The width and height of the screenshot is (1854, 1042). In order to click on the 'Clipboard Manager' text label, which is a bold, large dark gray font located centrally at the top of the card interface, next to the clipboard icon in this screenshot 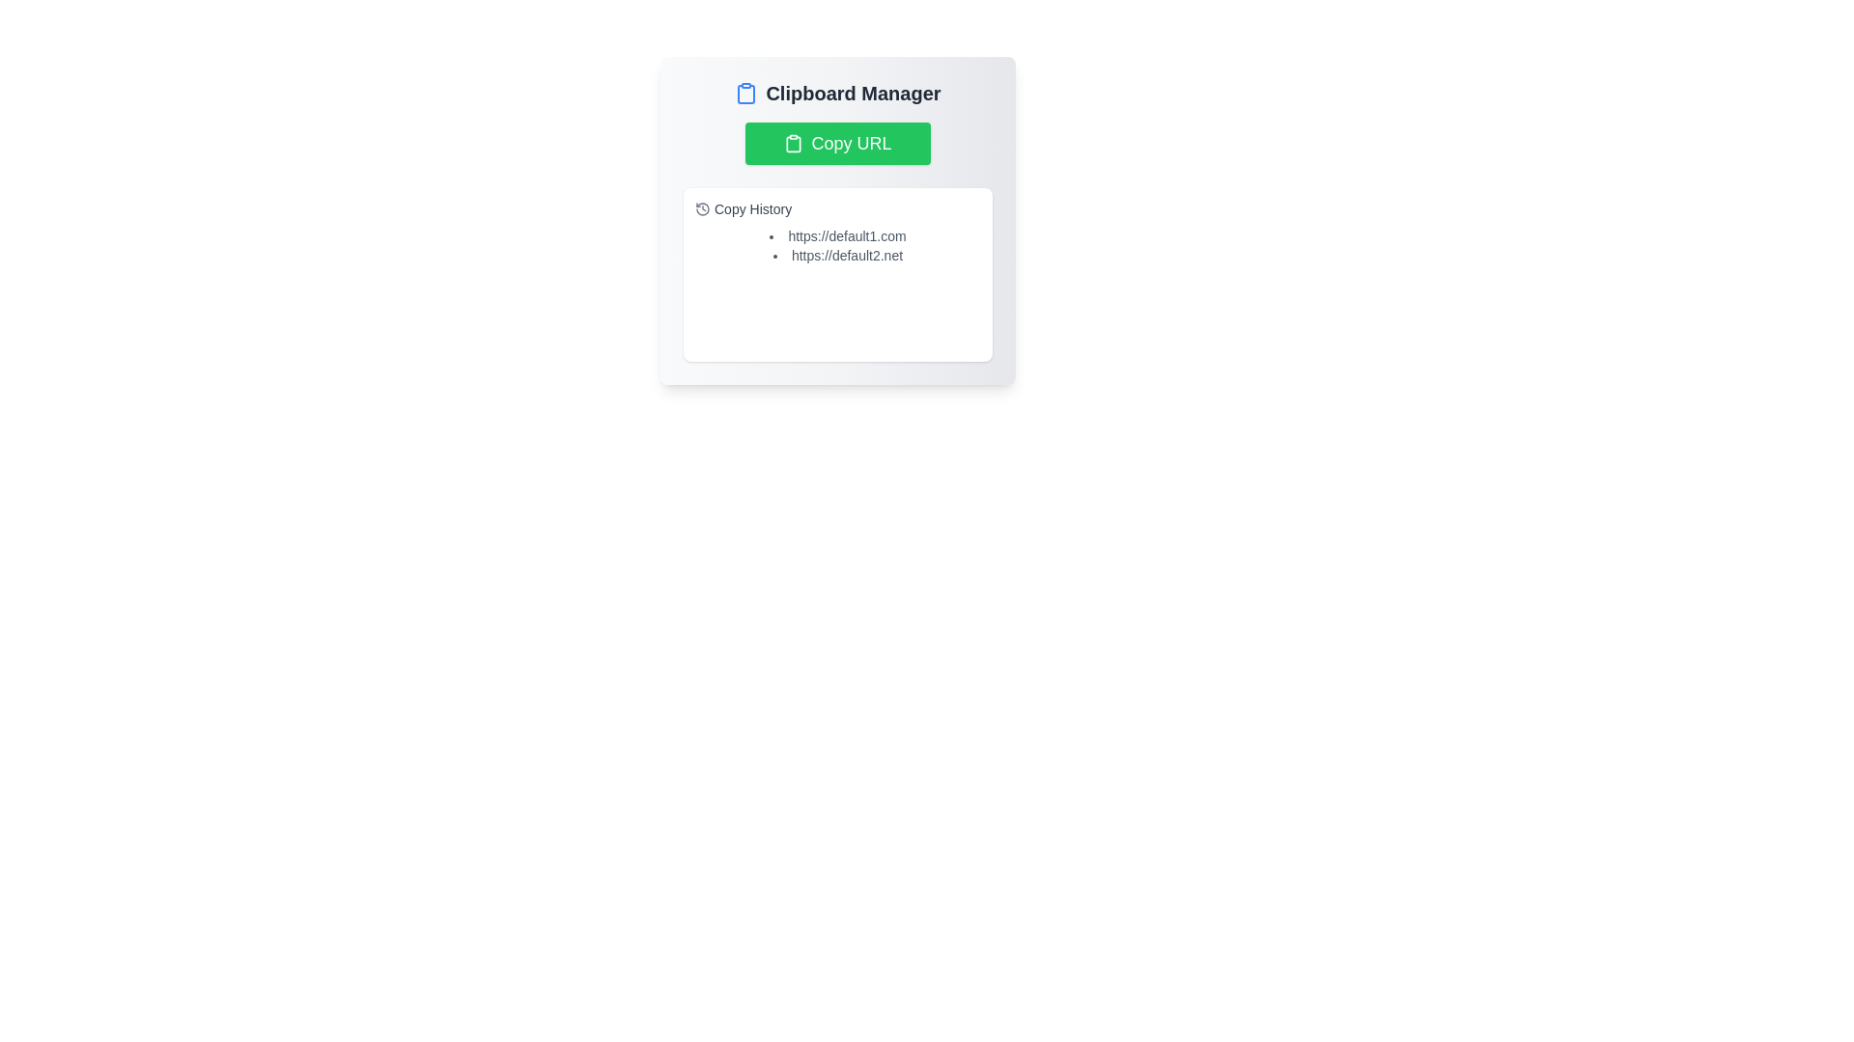, I will do `click(852, 93)`.